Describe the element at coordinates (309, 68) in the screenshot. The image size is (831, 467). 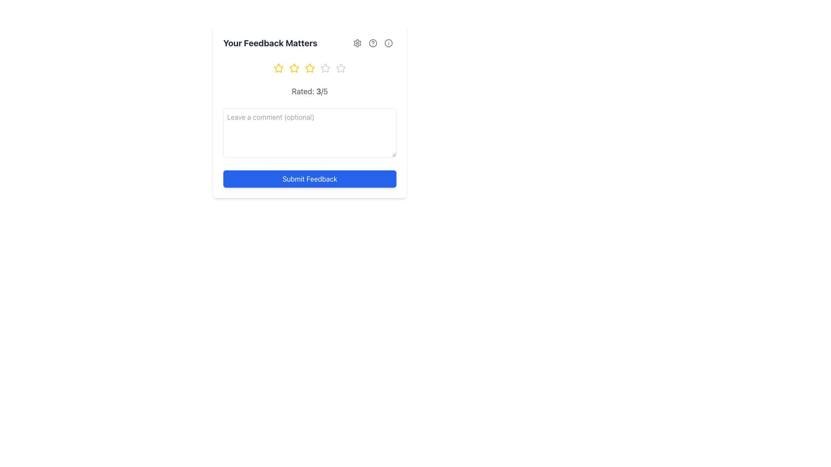
I see `the third star icon from the left in the interactive rating system` at that location.